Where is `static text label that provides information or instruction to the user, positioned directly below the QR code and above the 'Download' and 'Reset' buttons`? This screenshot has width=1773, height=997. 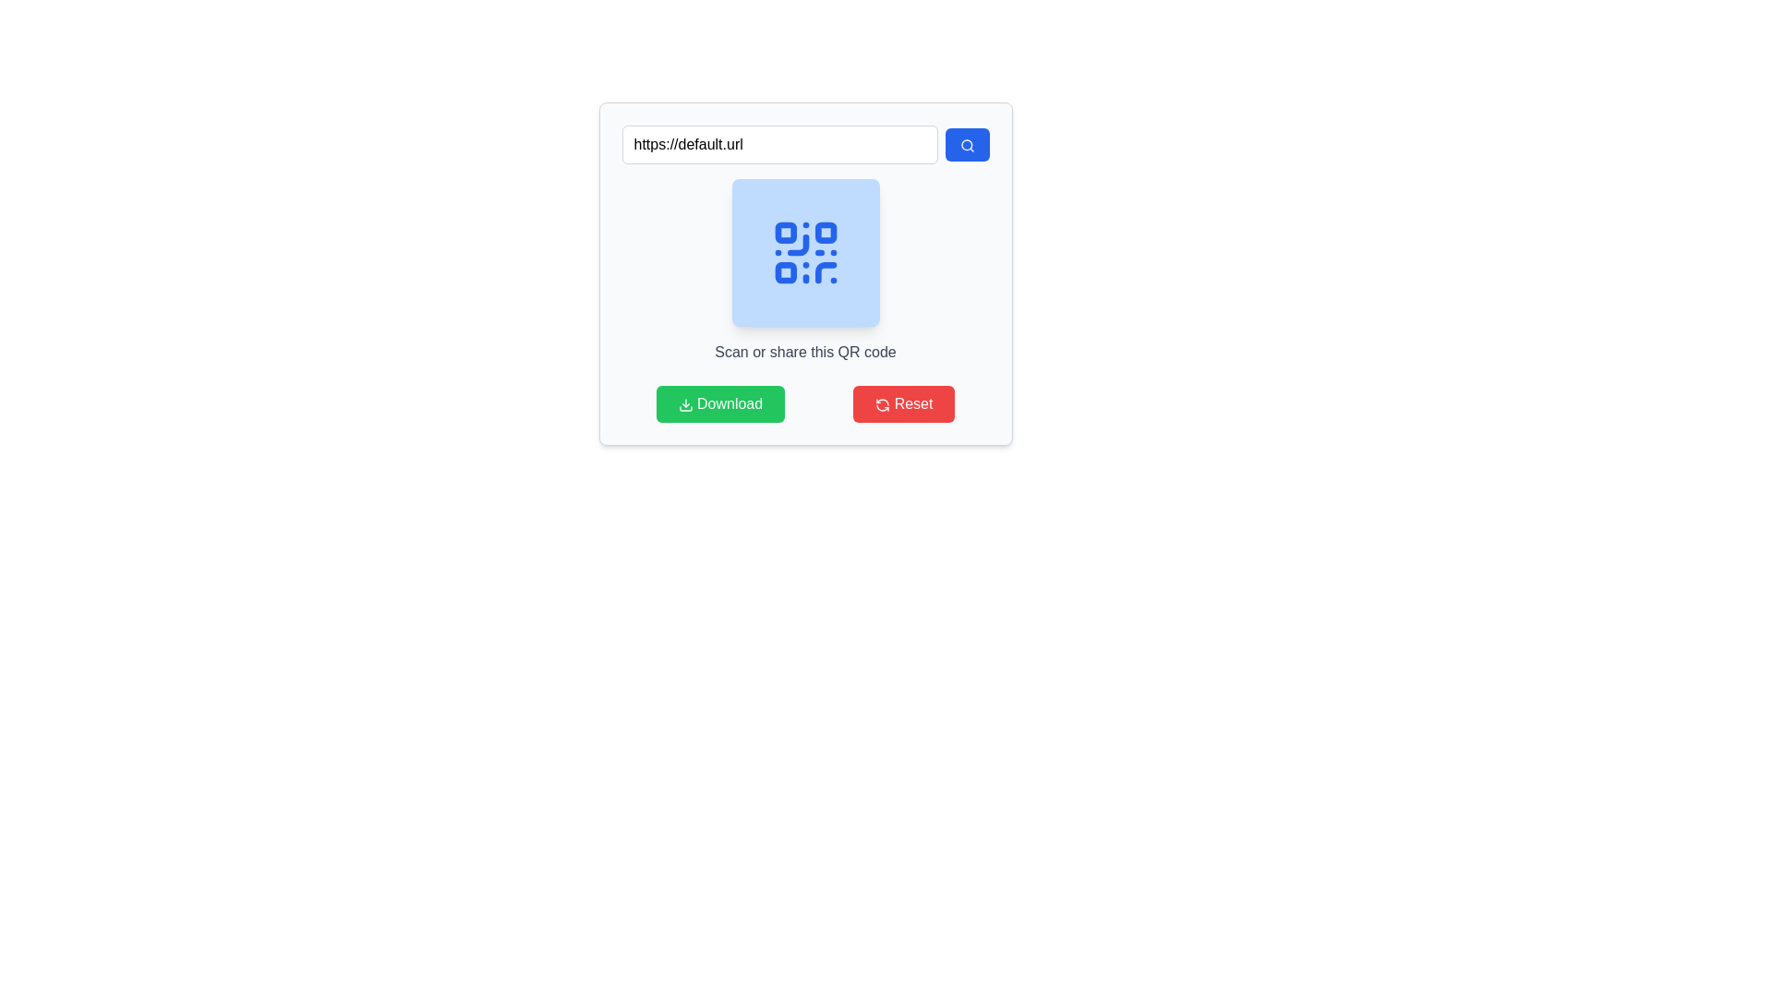
static text label that provides information or instruction to the user, positioned directly below the QR code and above the 'Download' and 'Reset' buttons is located at coordinates (805, 352).